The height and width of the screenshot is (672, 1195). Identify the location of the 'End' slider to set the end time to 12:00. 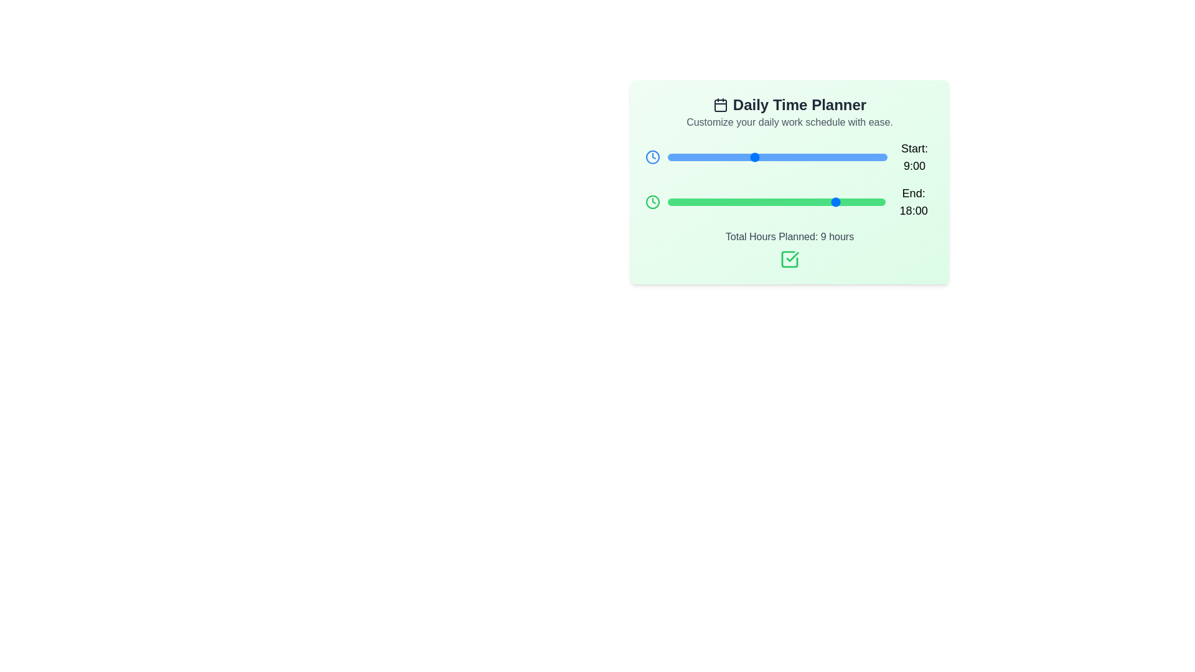
(780, 201).